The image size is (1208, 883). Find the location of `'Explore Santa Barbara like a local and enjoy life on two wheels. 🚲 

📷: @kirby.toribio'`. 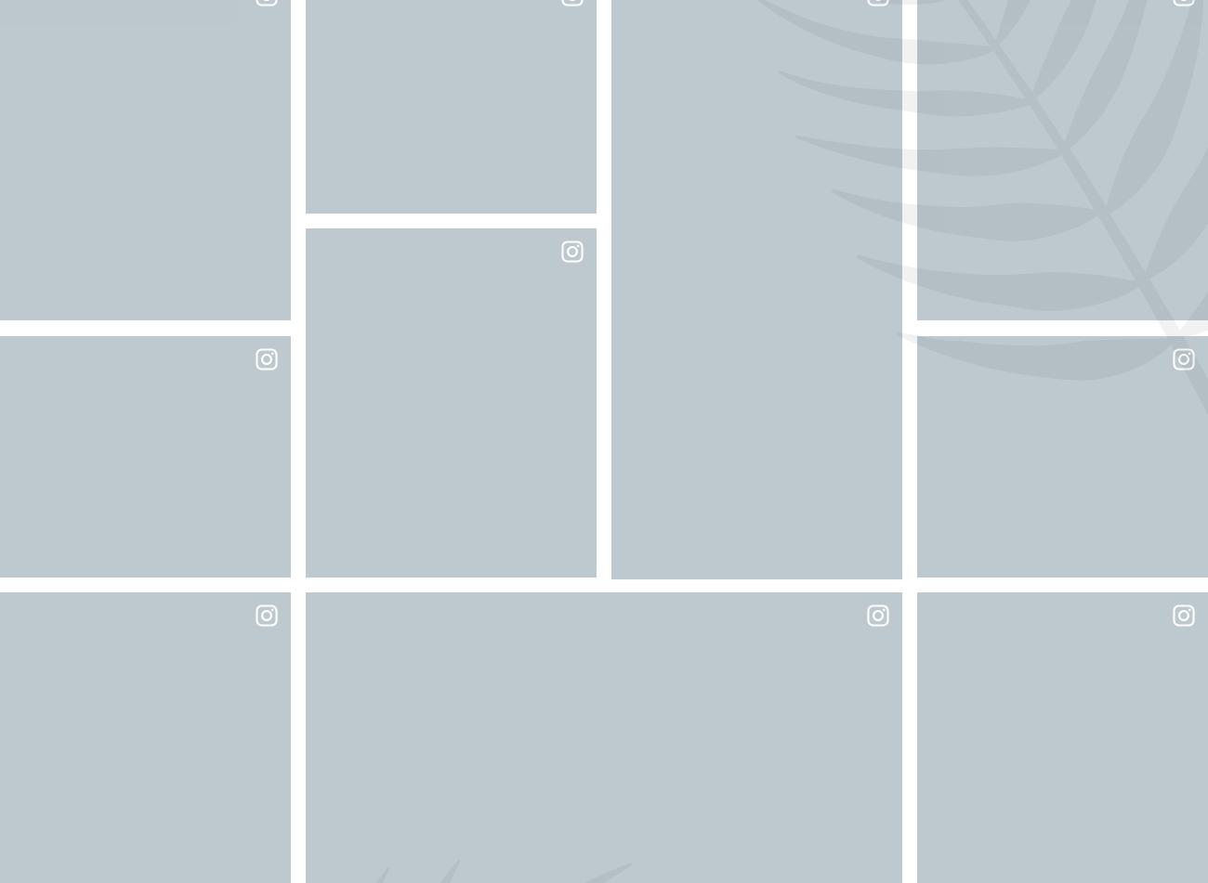

'Explore Santa Barbara like a local and enjoy life on two wheels. 🚲 

📷: @kirby.toribio' is located at coordinates (143, 762).